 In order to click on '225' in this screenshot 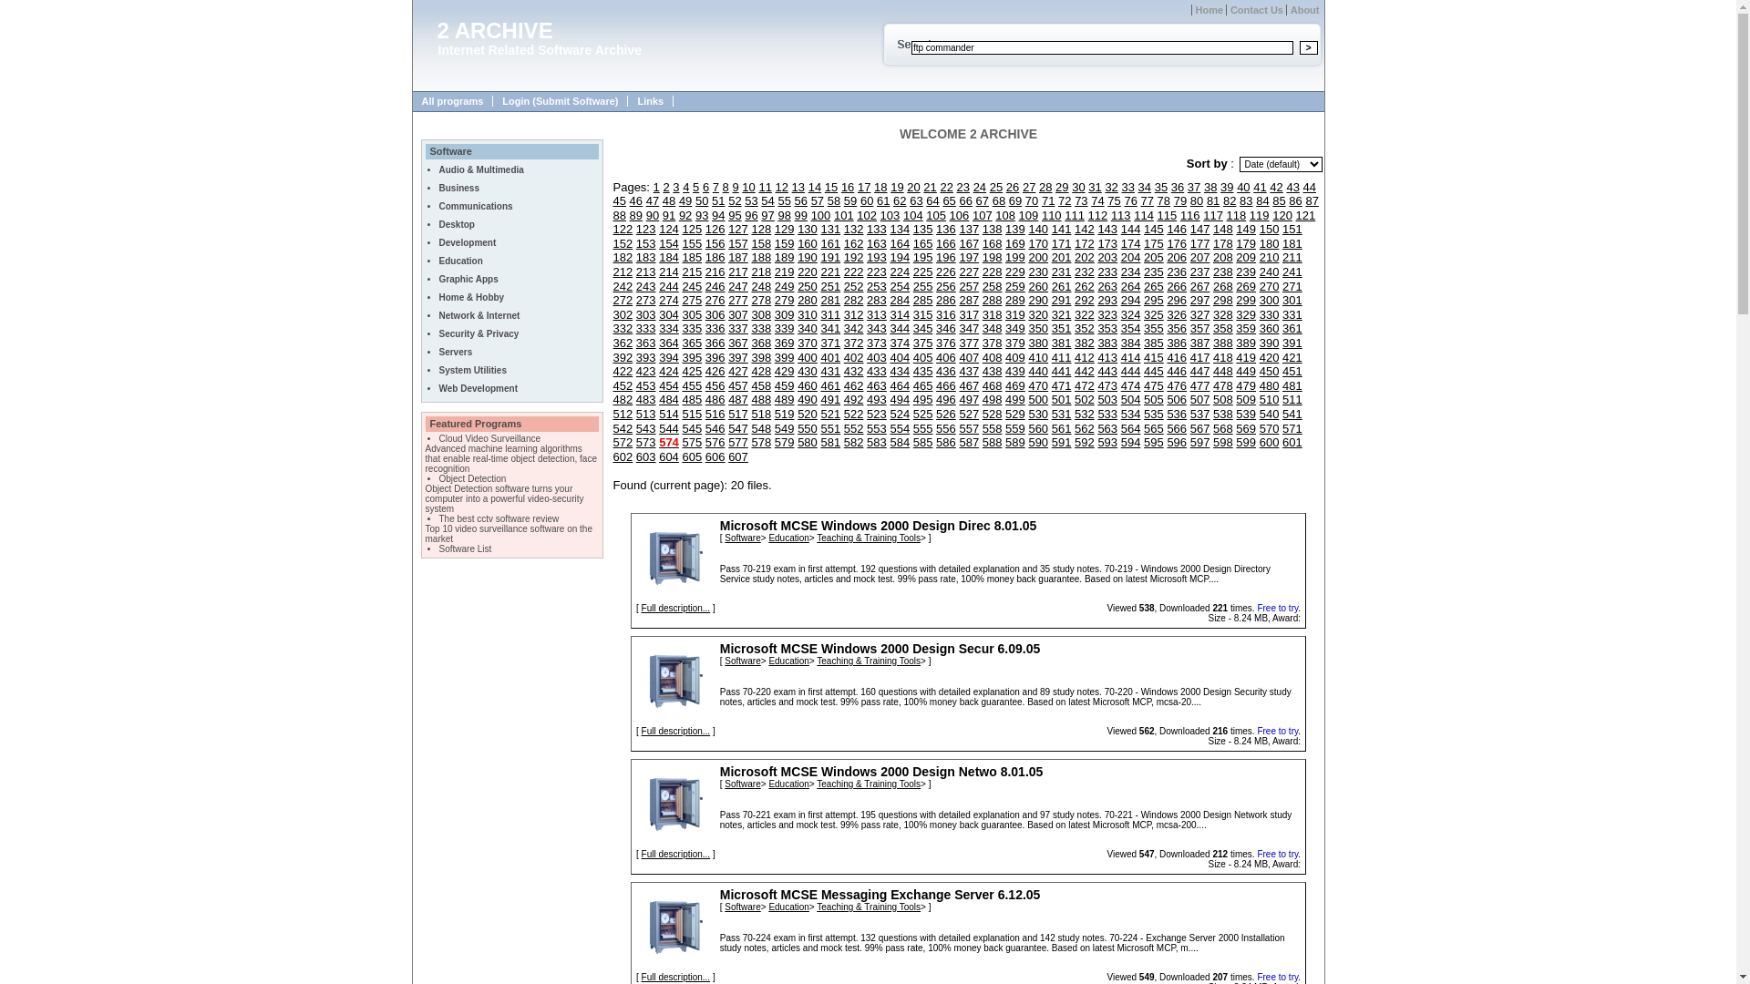, I will do `click(922, 272)`.